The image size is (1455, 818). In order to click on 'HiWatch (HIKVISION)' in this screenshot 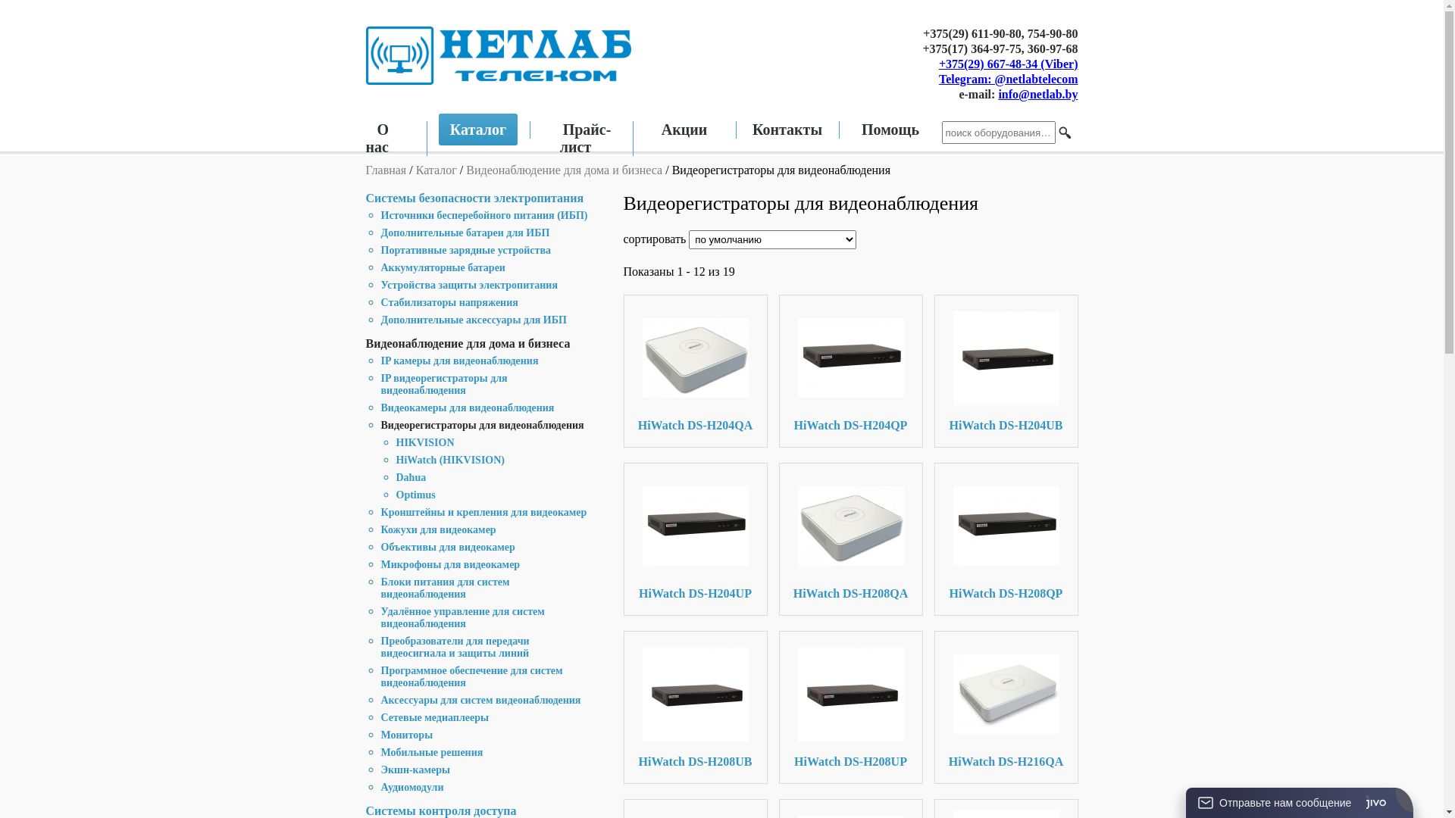, I will do `click(449, 459)`.